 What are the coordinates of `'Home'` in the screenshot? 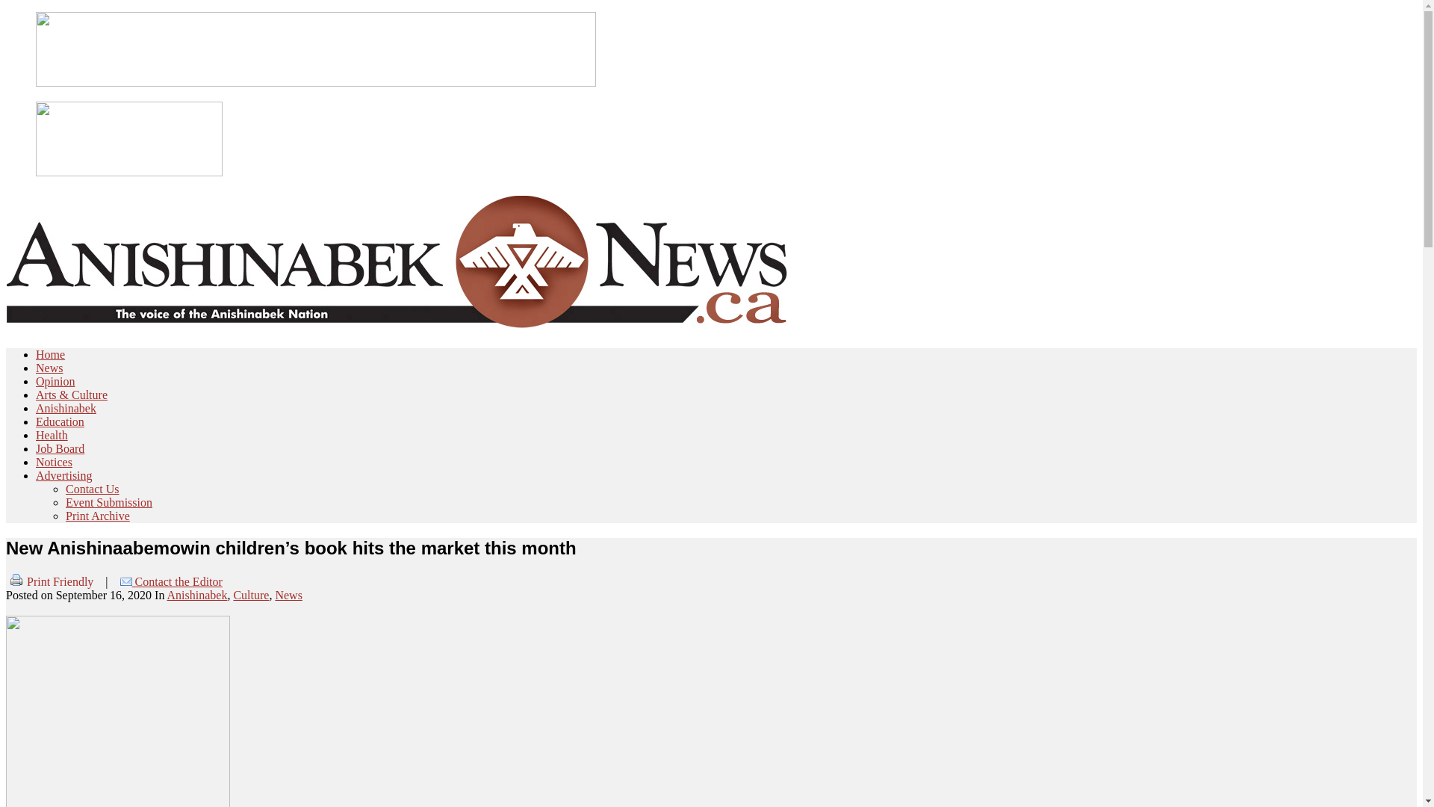 It's located at (50, 354).